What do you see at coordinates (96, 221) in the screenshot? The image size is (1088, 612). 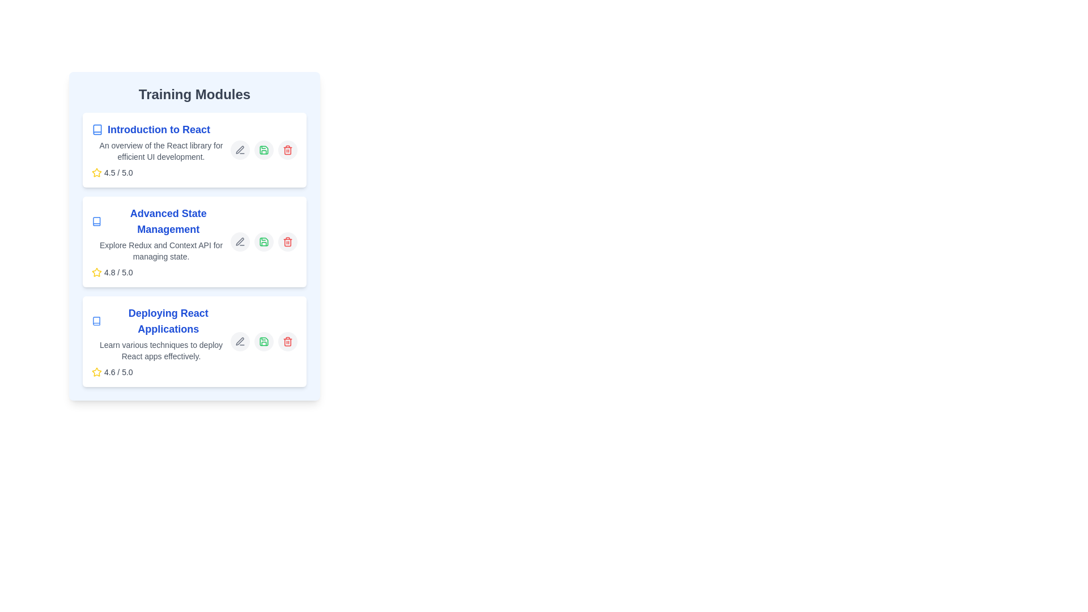 I see `the small blue book icon located to the left of the bold text title 'Advanced State Management' if it has assigned functionality` at bounding box center [96, 221].